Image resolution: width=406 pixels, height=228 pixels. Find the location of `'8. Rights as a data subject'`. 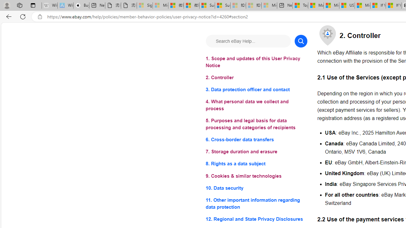

'8. Rights as a data subject' is located at coordinates (256, 163).